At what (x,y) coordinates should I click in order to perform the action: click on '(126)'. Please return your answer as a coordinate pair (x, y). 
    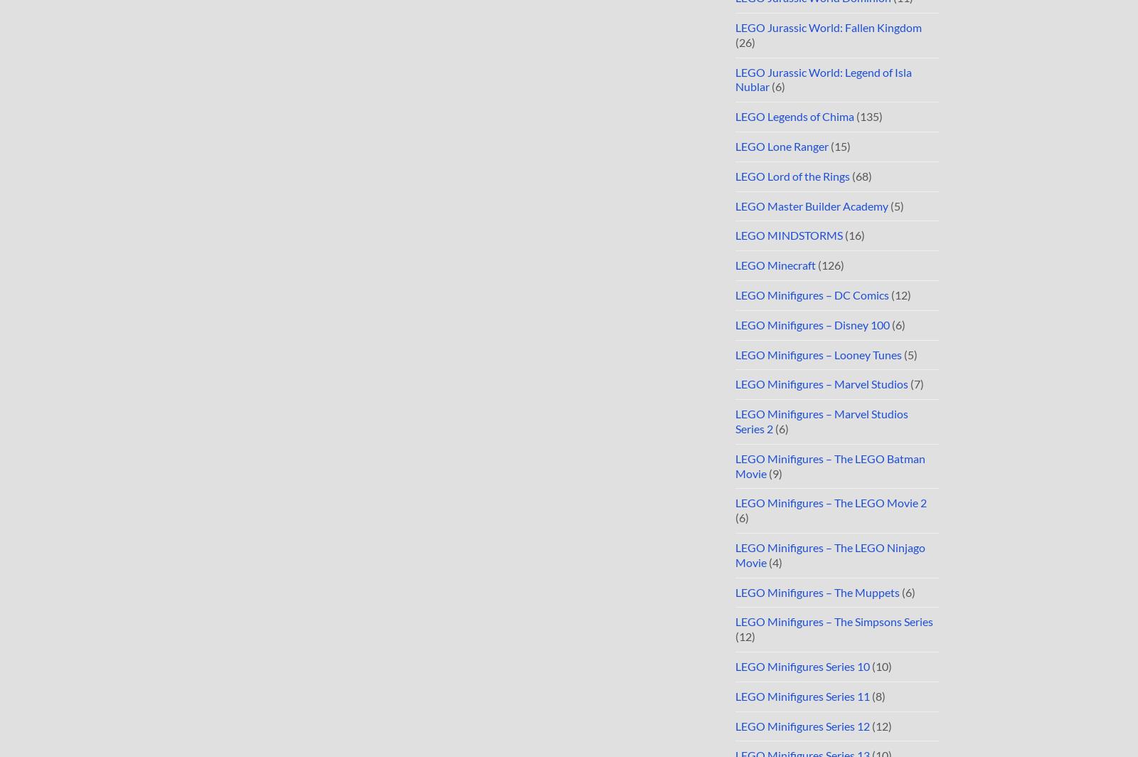
    Looking at the image, I should click on (830, 265).